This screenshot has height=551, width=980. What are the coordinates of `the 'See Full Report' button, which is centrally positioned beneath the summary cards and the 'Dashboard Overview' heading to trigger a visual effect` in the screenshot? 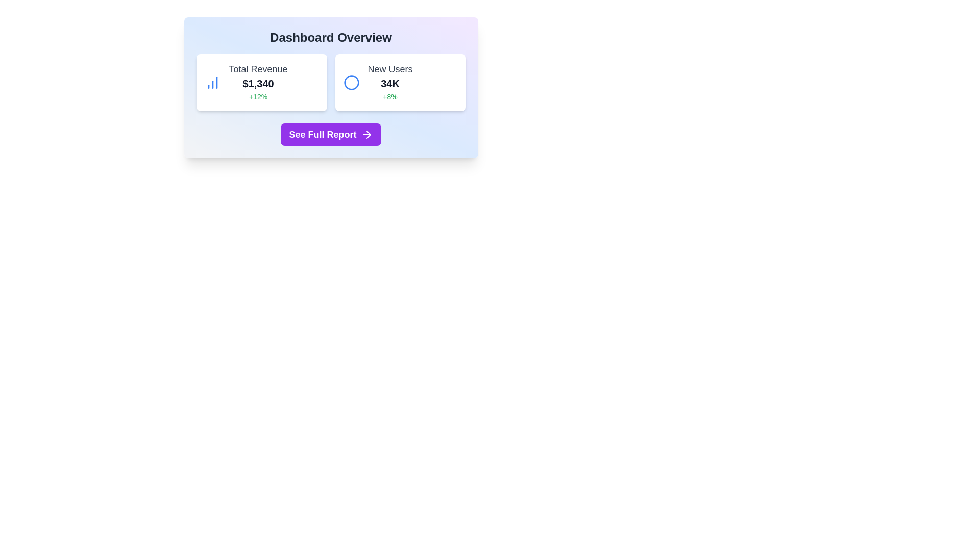 It's located at (331, 134).